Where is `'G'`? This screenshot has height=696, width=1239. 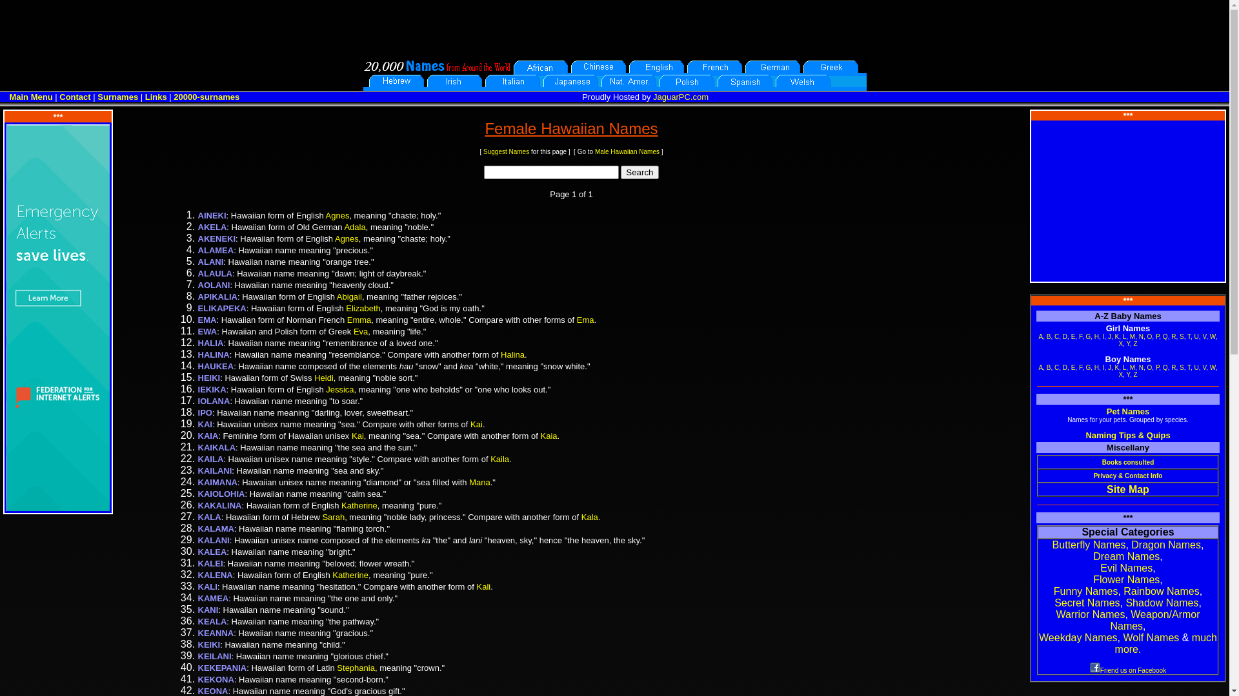
'G' is located at coordinates (1087, 336).